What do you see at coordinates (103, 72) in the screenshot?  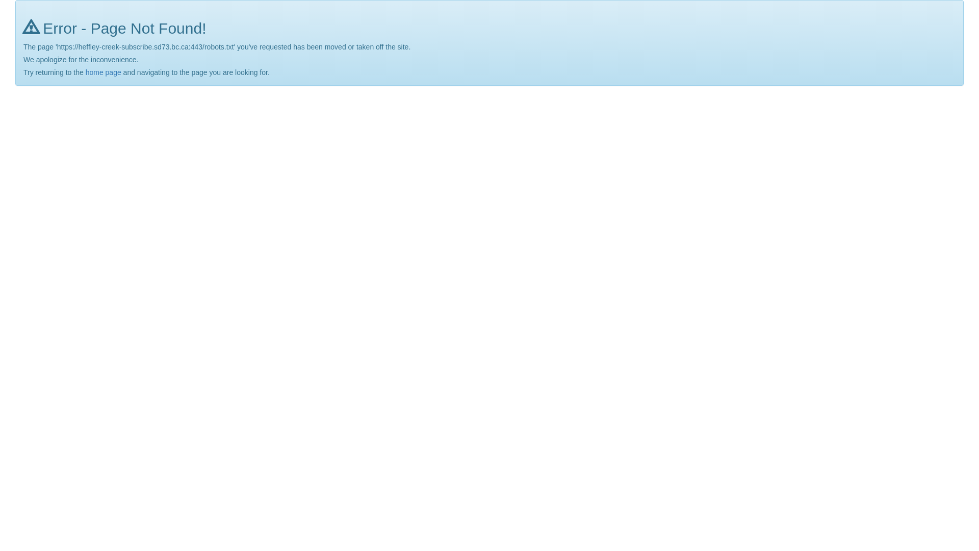 I see `'home page'` at bounding box center [103, 72].